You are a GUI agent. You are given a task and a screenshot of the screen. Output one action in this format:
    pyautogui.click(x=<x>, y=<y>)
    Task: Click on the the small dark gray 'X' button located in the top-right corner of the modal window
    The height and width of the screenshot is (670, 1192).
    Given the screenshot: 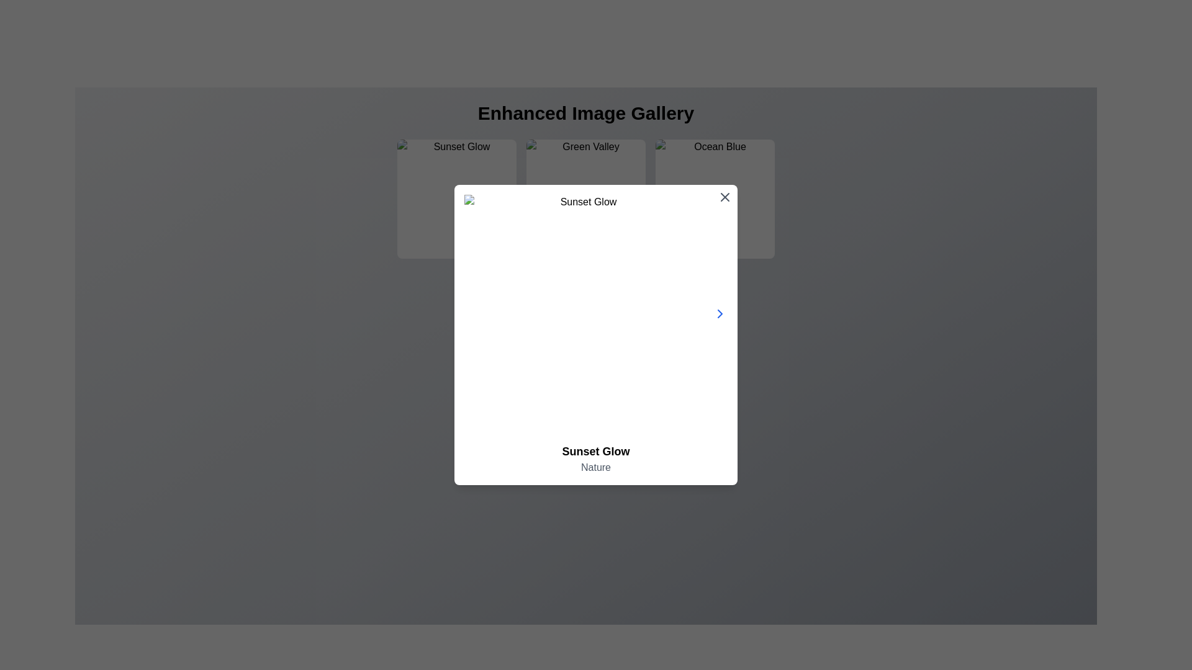 What is the action you would take?
    pyautogui.click(x=725, y=196)
    